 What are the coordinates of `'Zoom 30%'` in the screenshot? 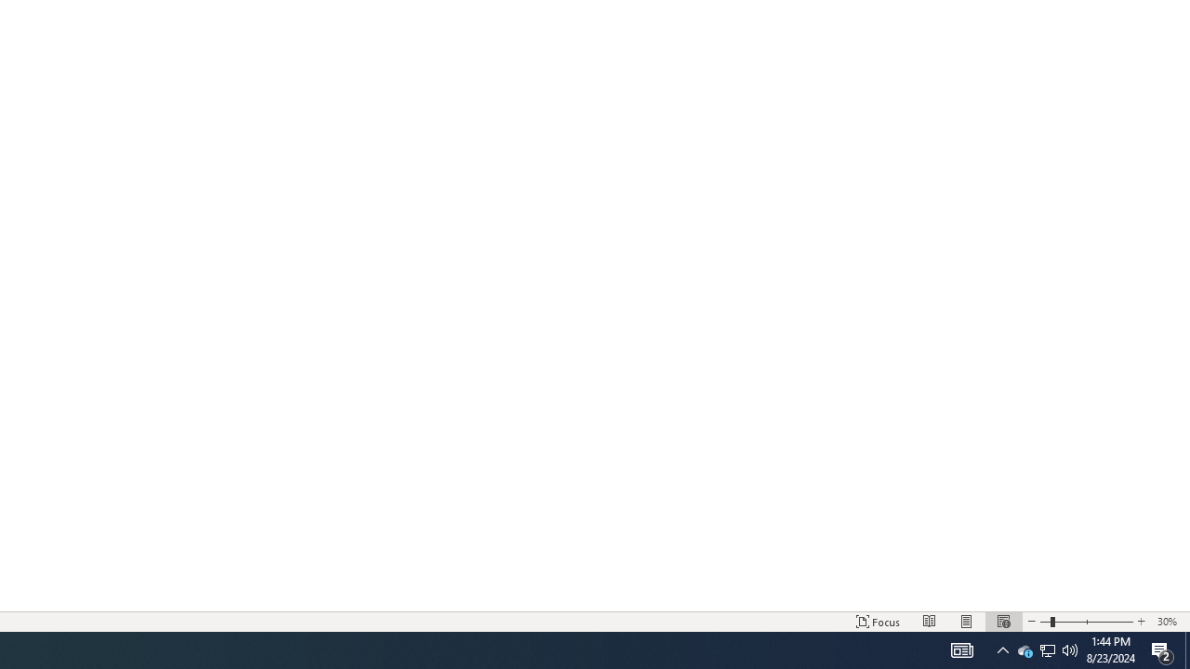 It's located at (1169, 622).